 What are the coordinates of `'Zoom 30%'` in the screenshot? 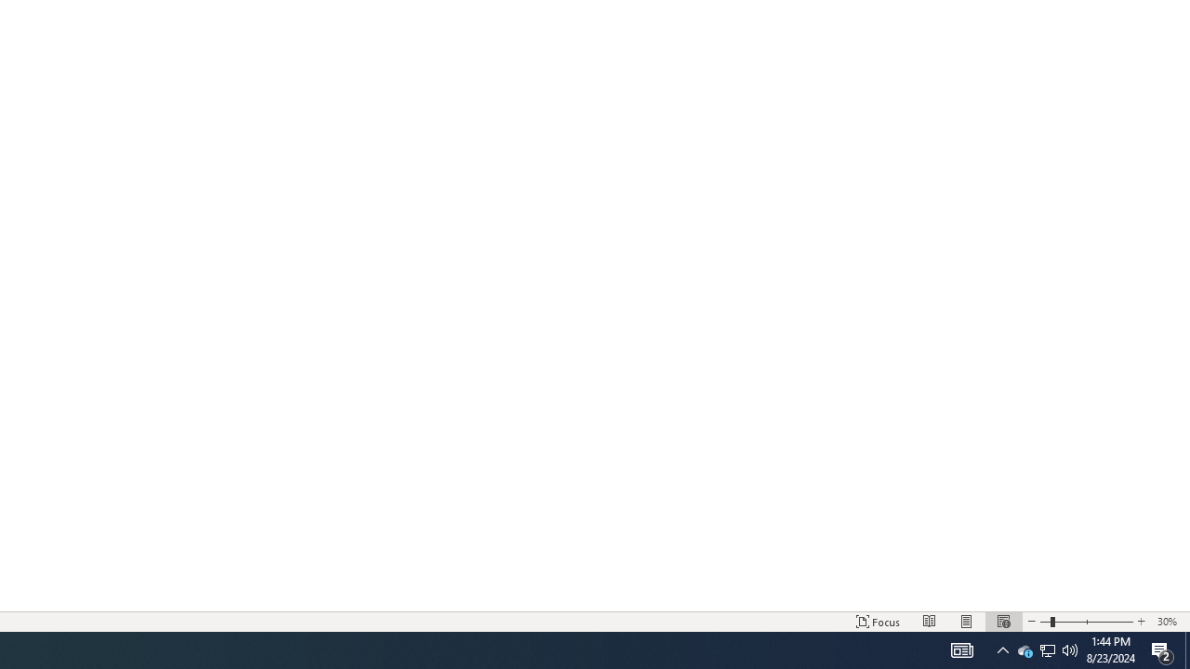 It's located at (1169, 622).